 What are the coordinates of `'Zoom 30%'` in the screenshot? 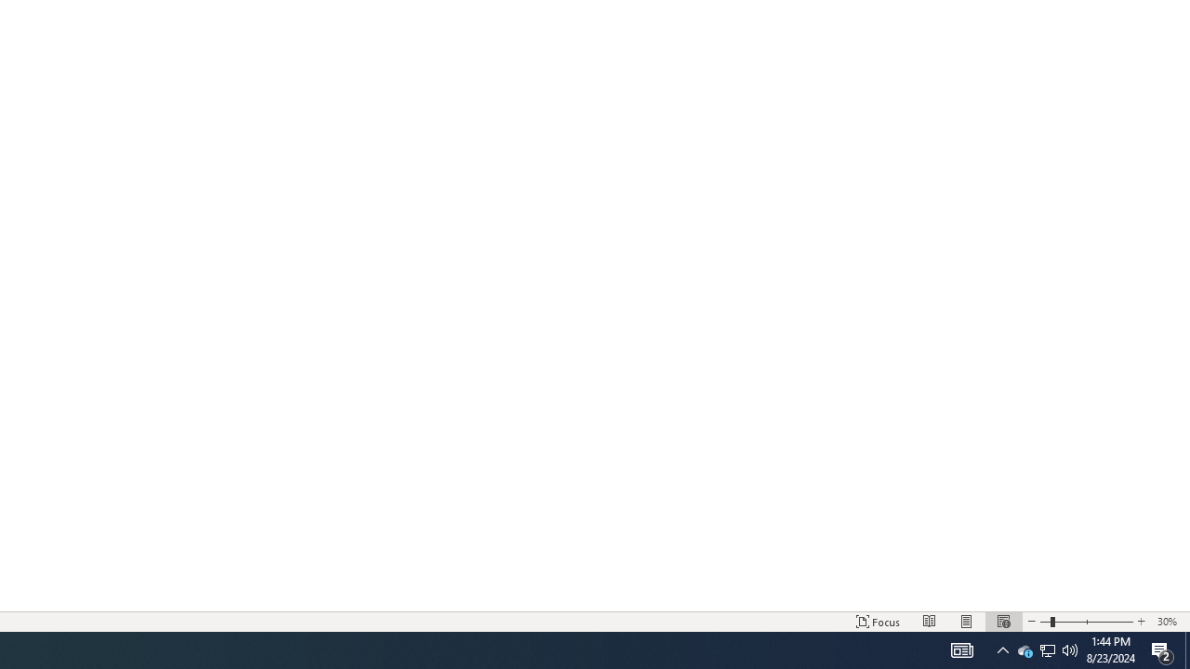 It's located at (1169, 622).